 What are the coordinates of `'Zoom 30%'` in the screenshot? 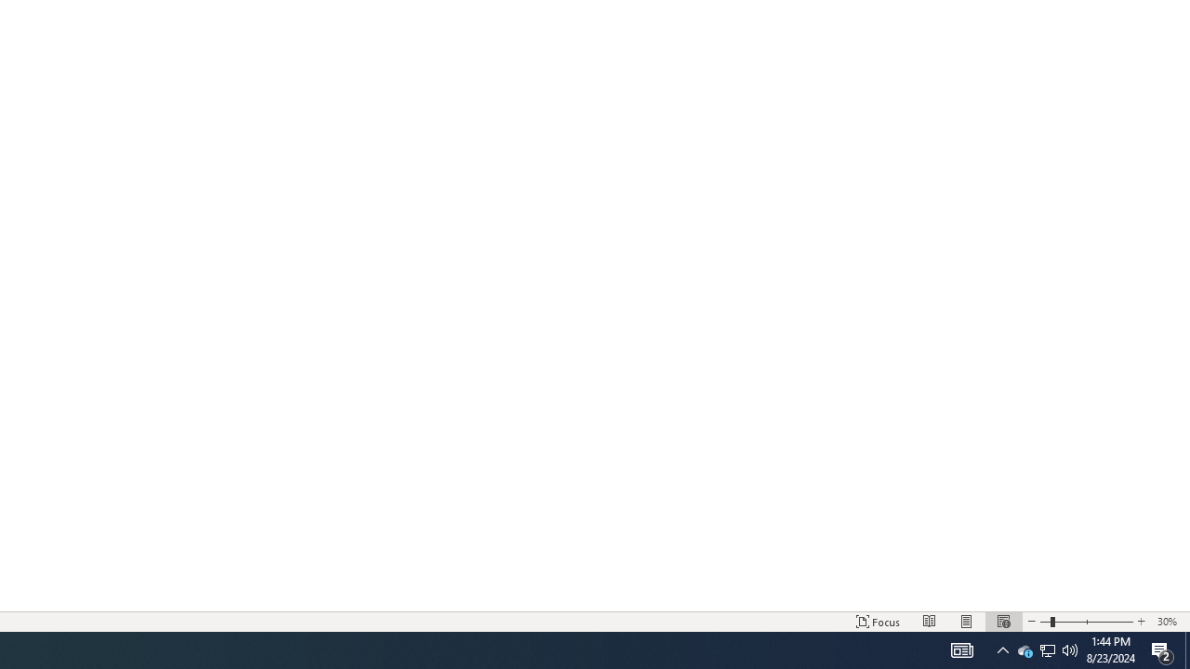 It's located at (1169, 622).